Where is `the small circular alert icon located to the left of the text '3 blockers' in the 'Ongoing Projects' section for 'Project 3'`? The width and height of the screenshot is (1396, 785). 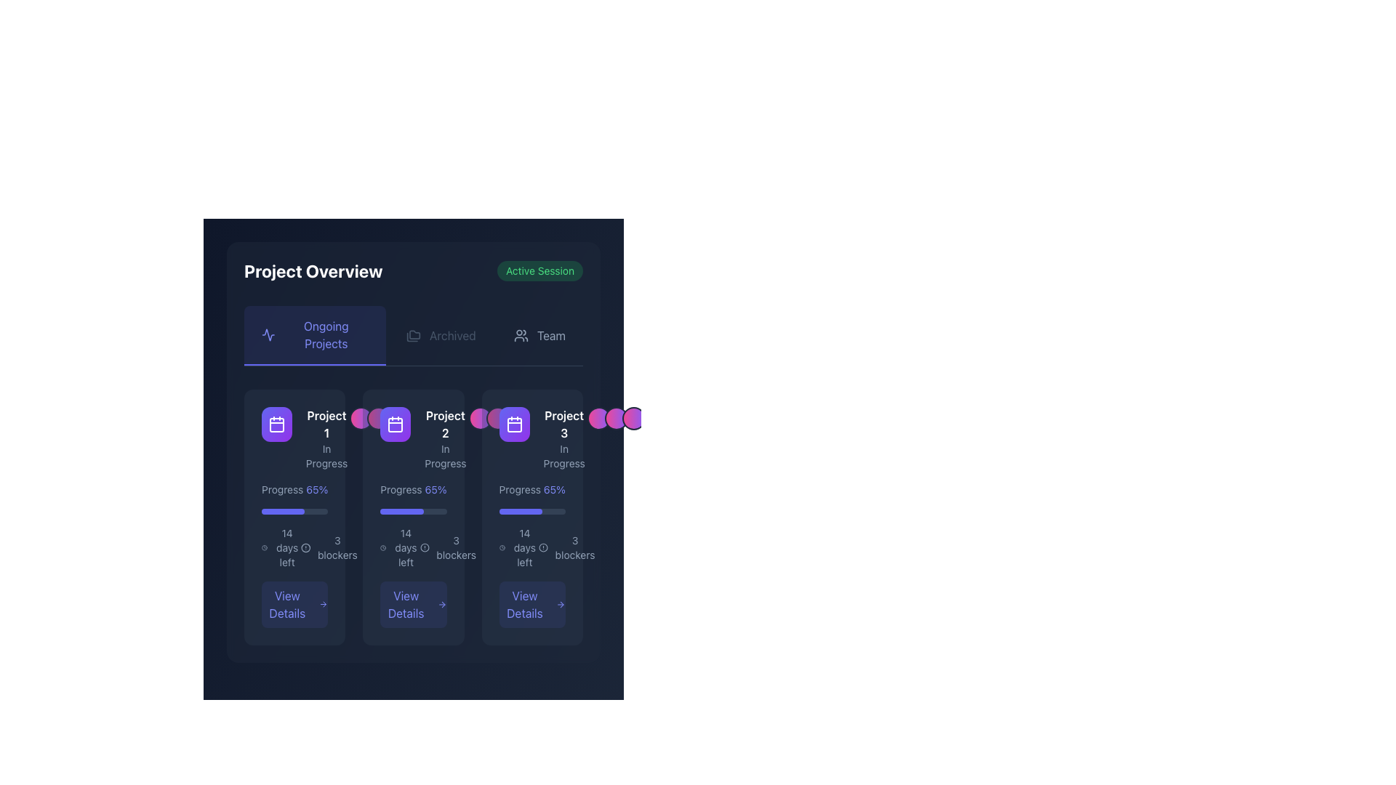 the small circular alert icon located to the left of the text '3 blockers' in the 'Ongoing Projects' section for 'Project 3' is located at coordinates (542, 547).